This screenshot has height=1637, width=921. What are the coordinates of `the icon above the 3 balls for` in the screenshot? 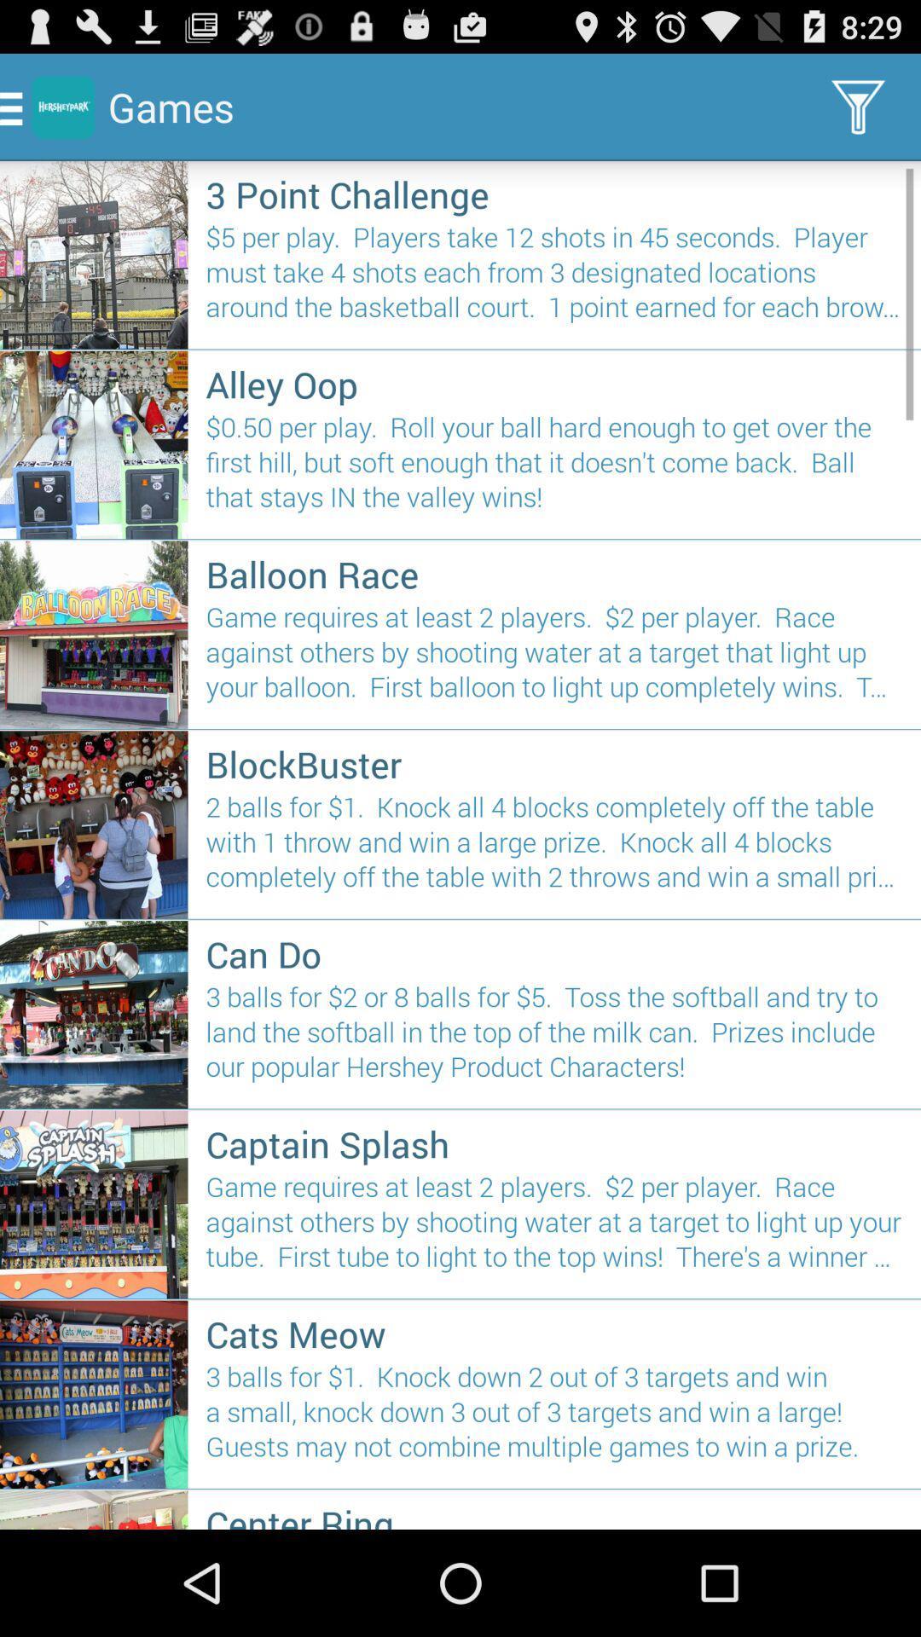 It's located at (554, 1333).